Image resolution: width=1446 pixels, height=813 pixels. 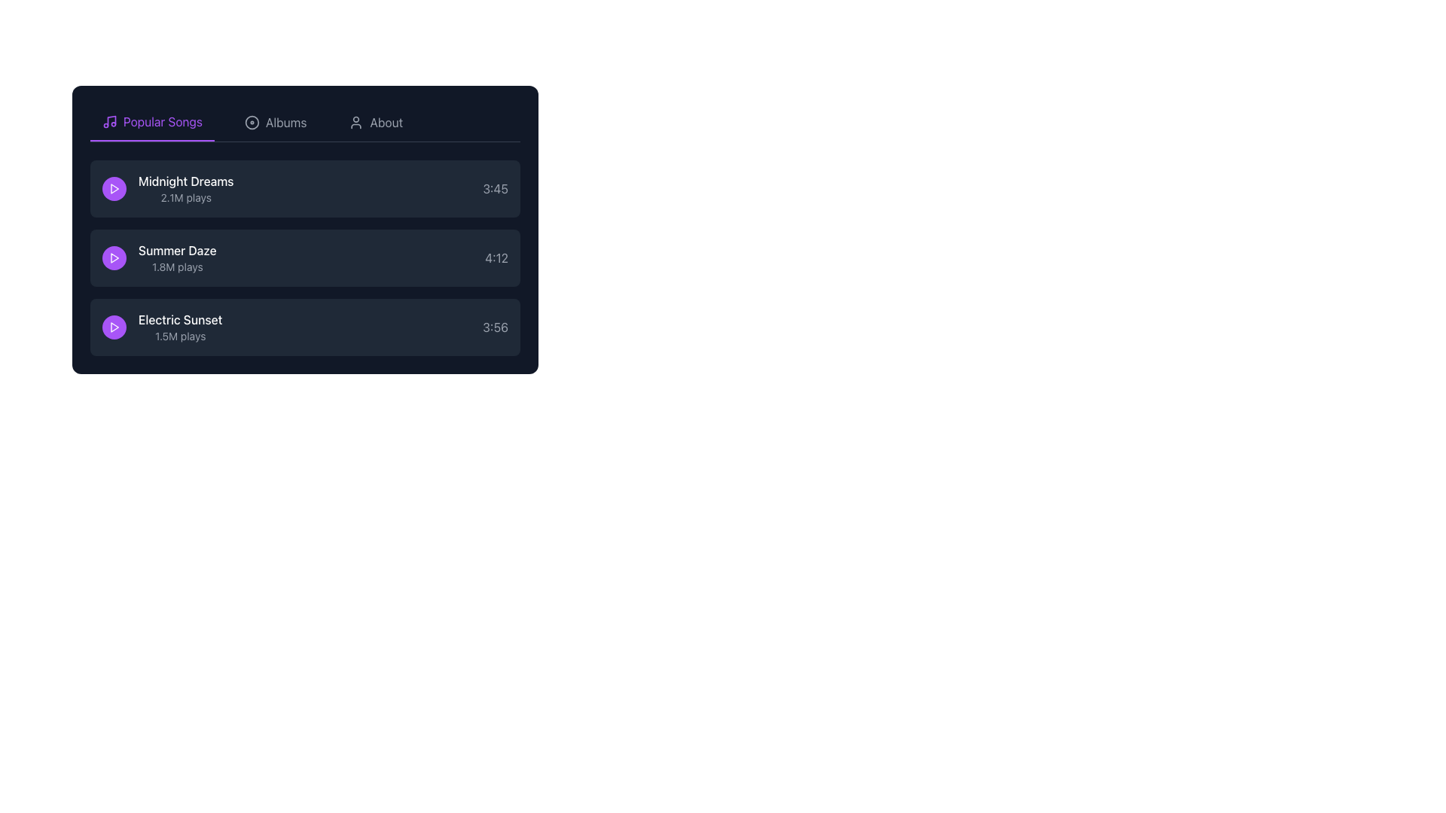 What do you see at coordinates (252, 121) in the screenshot?
I see `the larger SVG Circle element in the 'Albums' section of the top navigation bar, which is positioned between the 'Popular Songs' and 'About' sections` at bounding box center [252, 121].